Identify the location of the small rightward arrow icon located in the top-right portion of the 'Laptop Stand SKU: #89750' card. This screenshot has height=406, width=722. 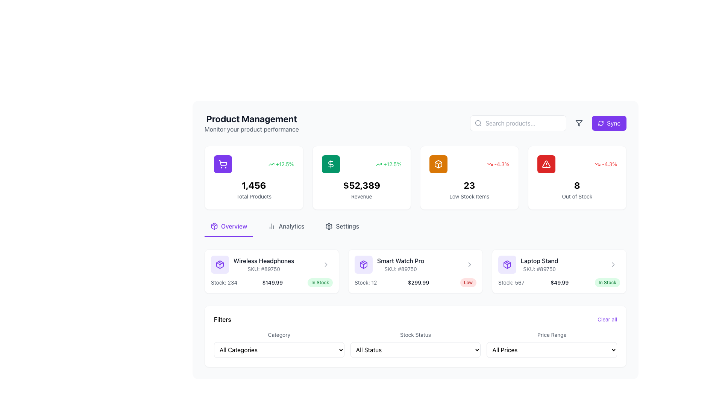
(613, 264).